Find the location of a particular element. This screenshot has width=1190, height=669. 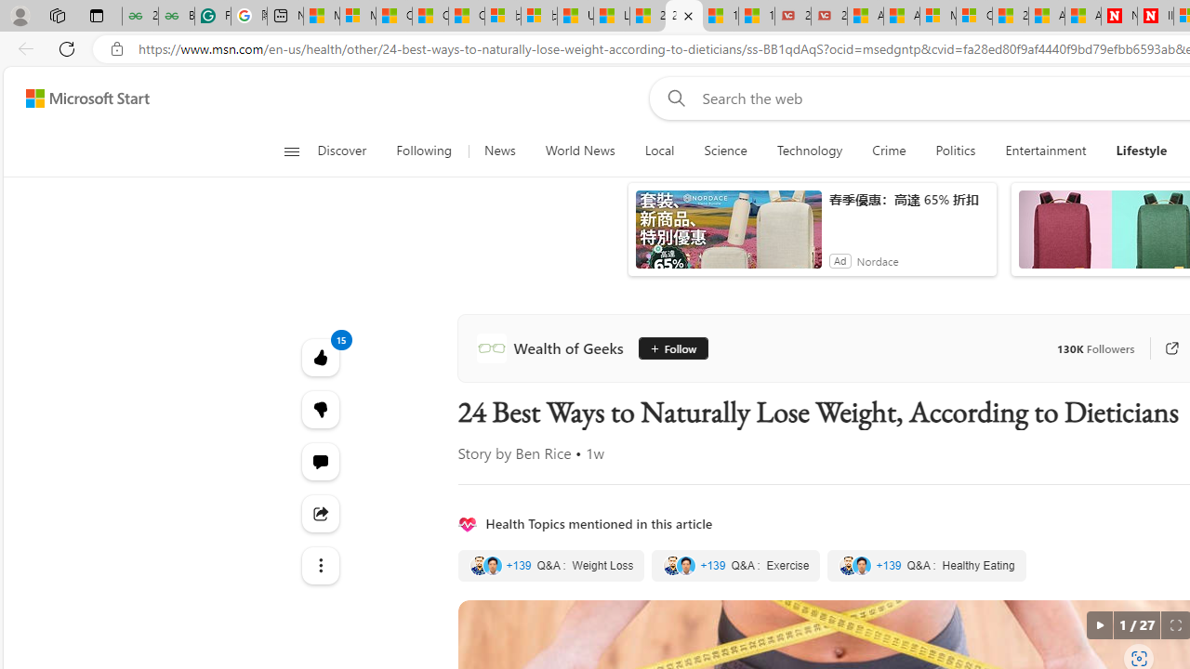

'Free AI Writing Assistance for Students | Grammarly' is located at coordinates (213, 16).